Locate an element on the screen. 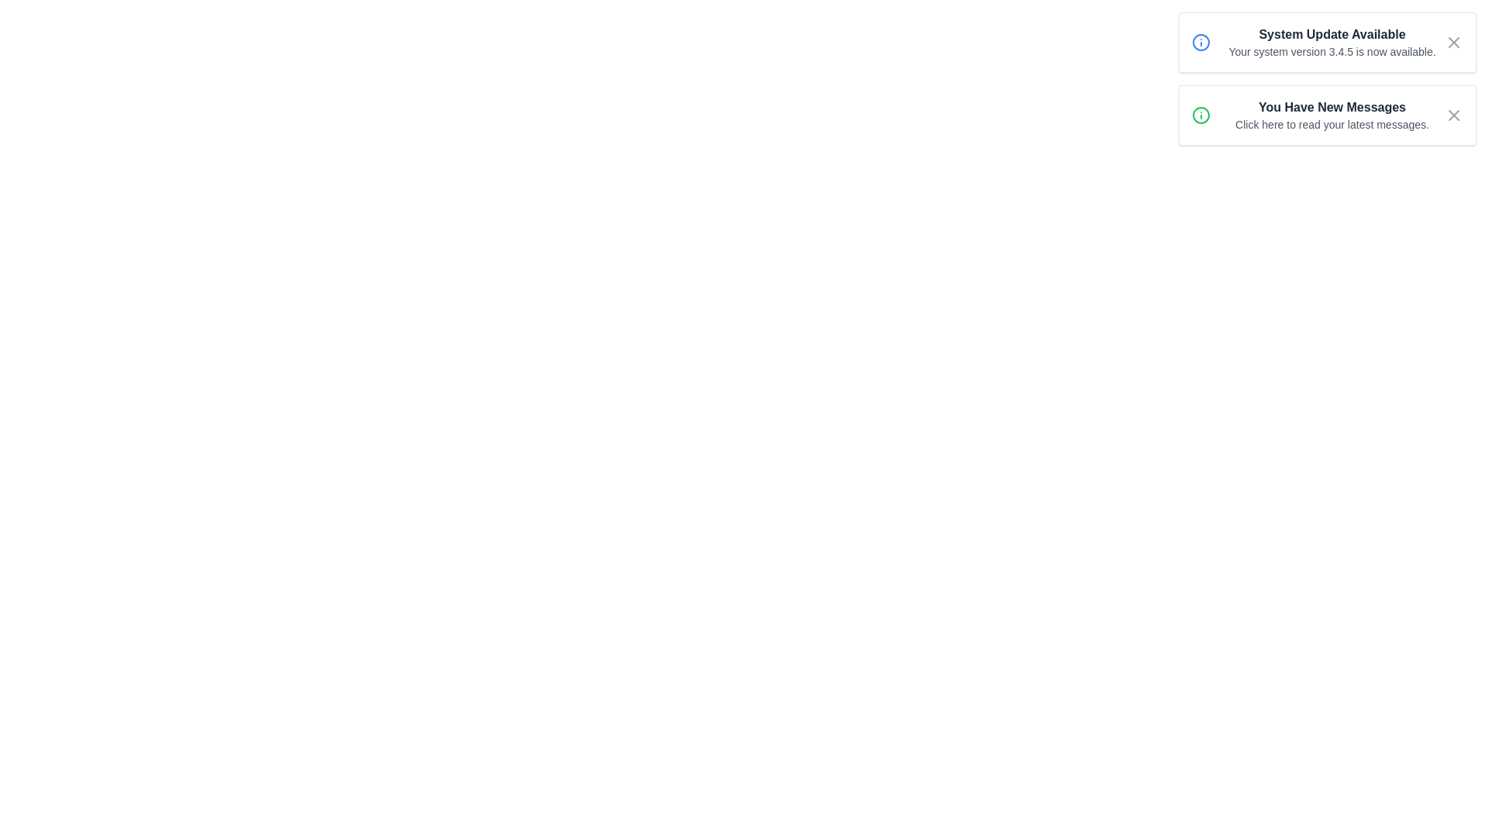  the notification to read its details is located at coordinates (1327, 78).